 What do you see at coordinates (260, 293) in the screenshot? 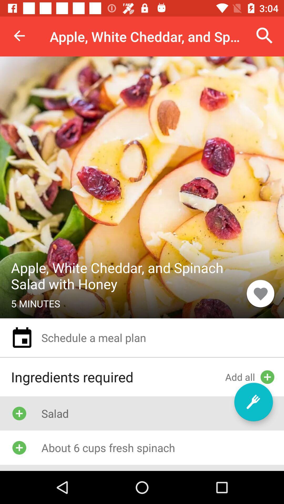
I see `the item next to apple white cheddar icon` at bounding box center [260, 293].